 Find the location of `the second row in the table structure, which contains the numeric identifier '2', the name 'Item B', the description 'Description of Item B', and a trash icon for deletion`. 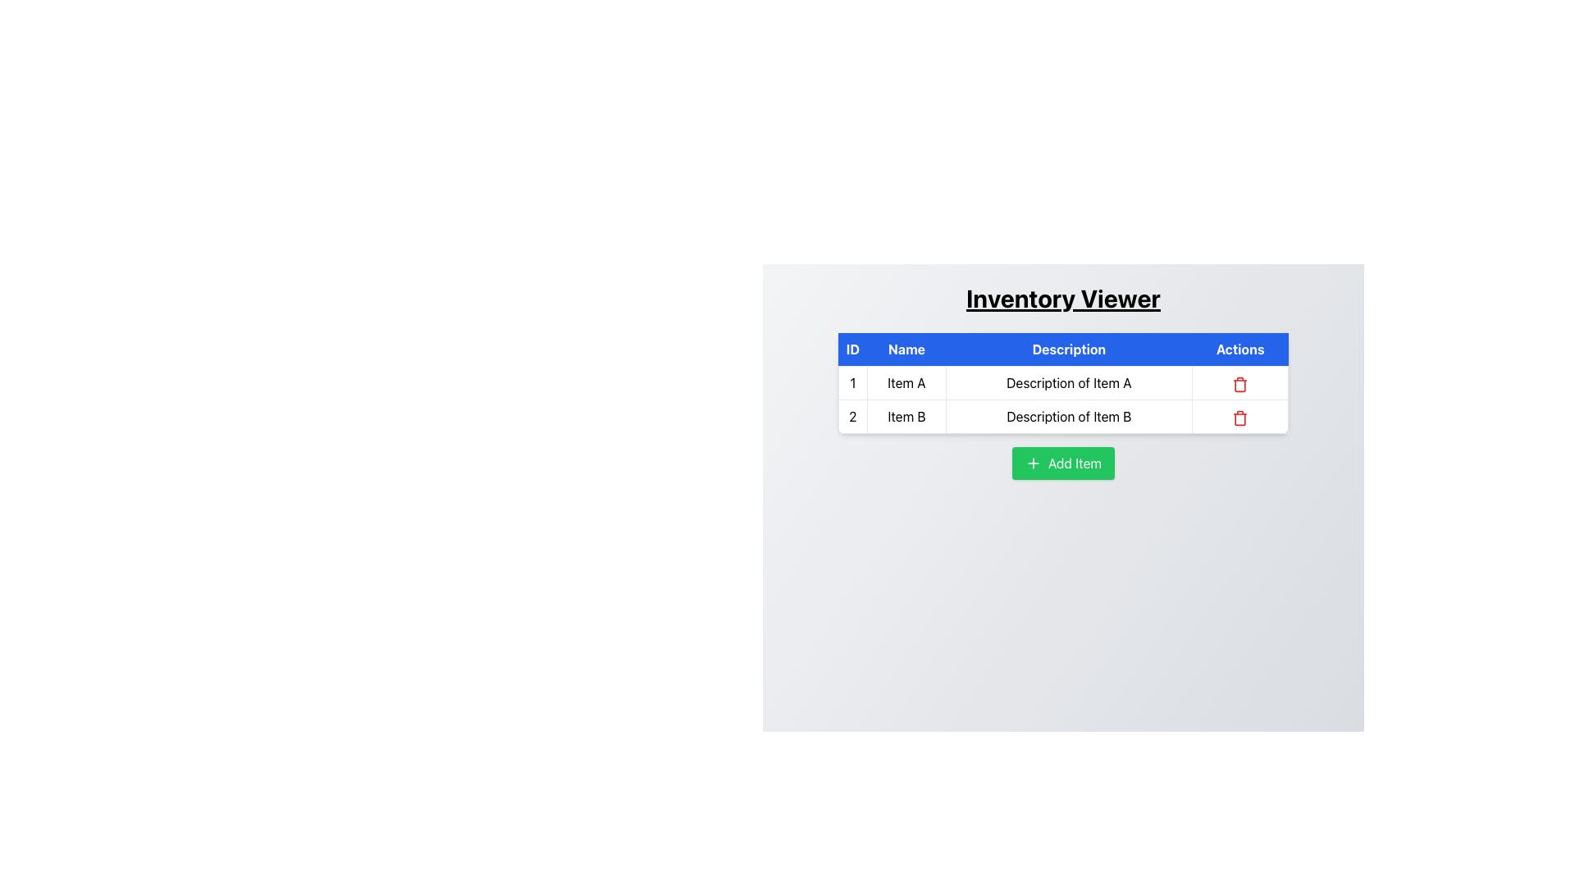

the second row in the table structure, which contains the numeric identifier '2', the name 'Item B', the description 'Description of Item B', and a trash icon for deletion is located at coordinates (1063, 416).